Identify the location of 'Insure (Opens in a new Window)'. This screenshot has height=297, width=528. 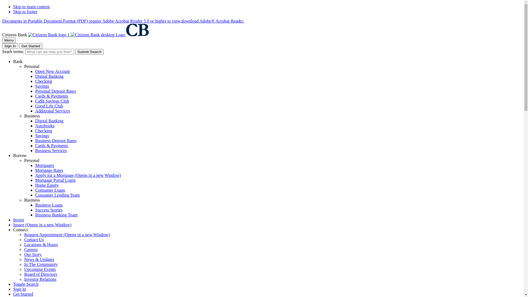
(13, 225).